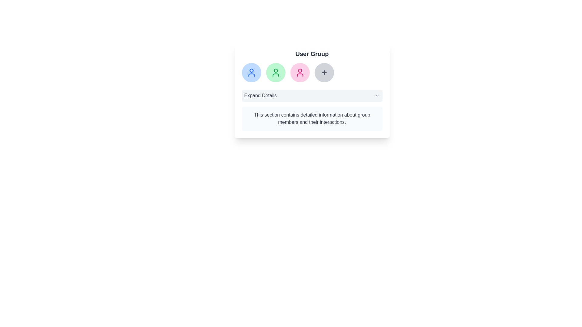  I want to click on the green outlined person icon located in the second position of the horizontal row of icons, so click(275, 72).